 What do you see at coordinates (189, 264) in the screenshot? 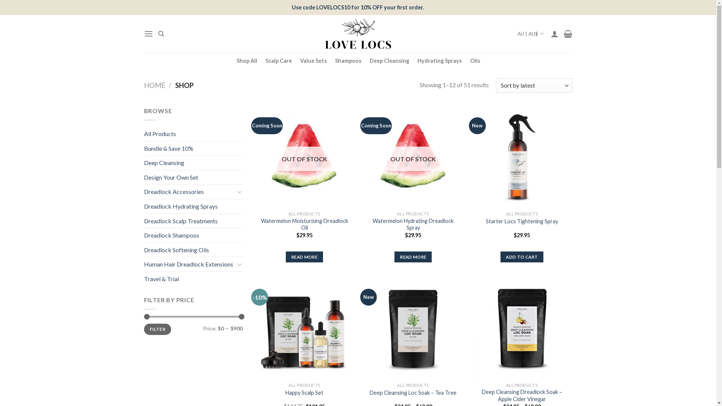
I see `'Human Hair Dreadlock Extensions'` at bounding box center [189, 264].